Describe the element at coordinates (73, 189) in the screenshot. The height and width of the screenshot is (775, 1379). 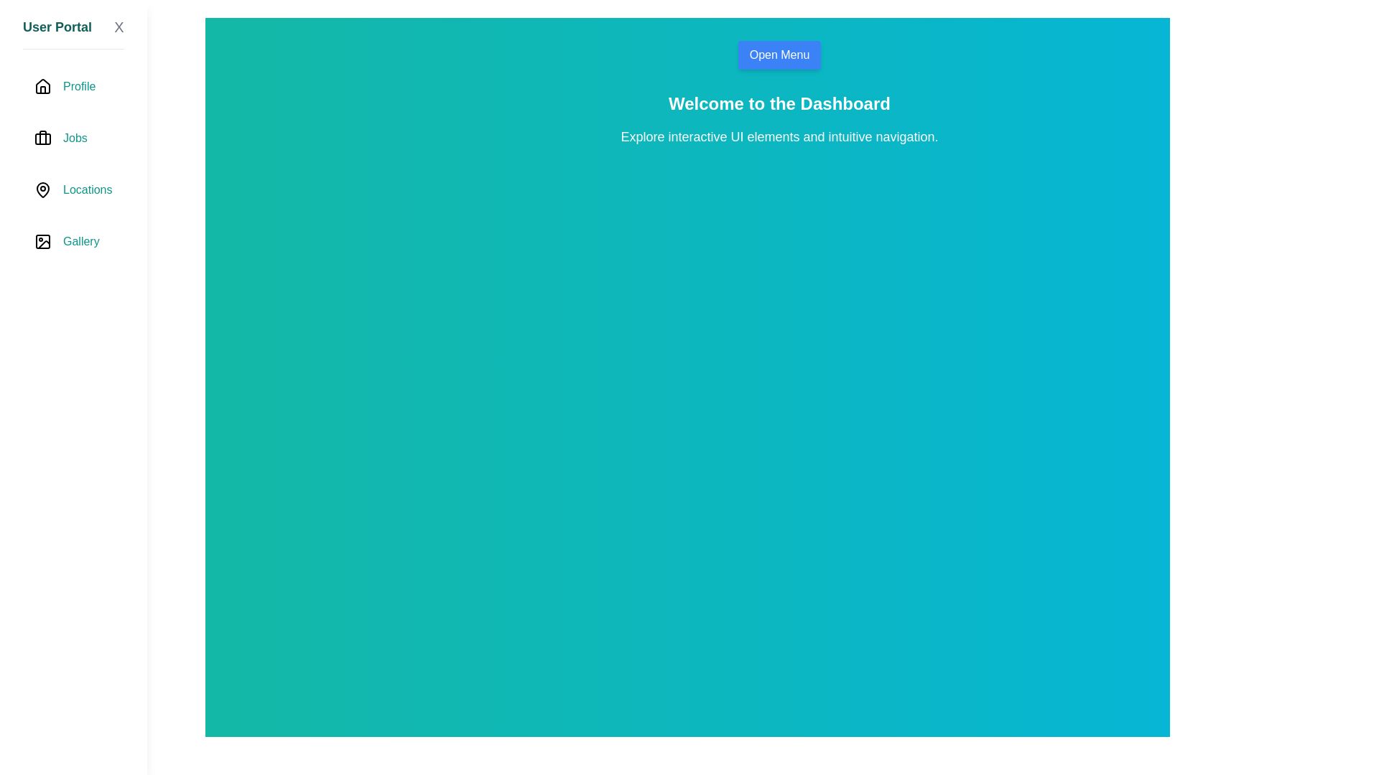
I see `the navigation item labeled Locations` at that location.